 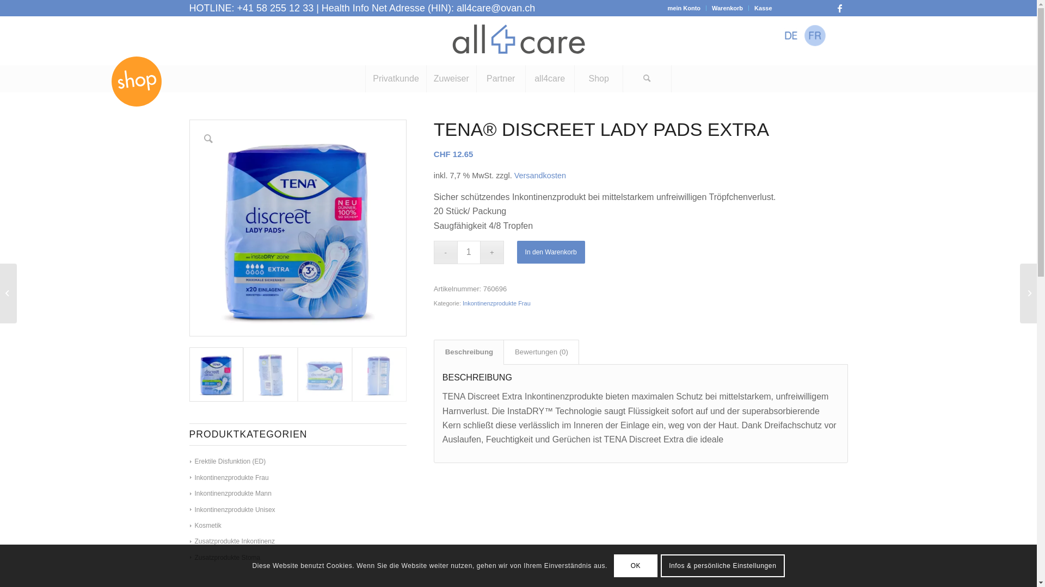 What do you see at coordinates (754, 8) in the screenshot?
I see `'Kasse'` at bounding box center [754, 8].